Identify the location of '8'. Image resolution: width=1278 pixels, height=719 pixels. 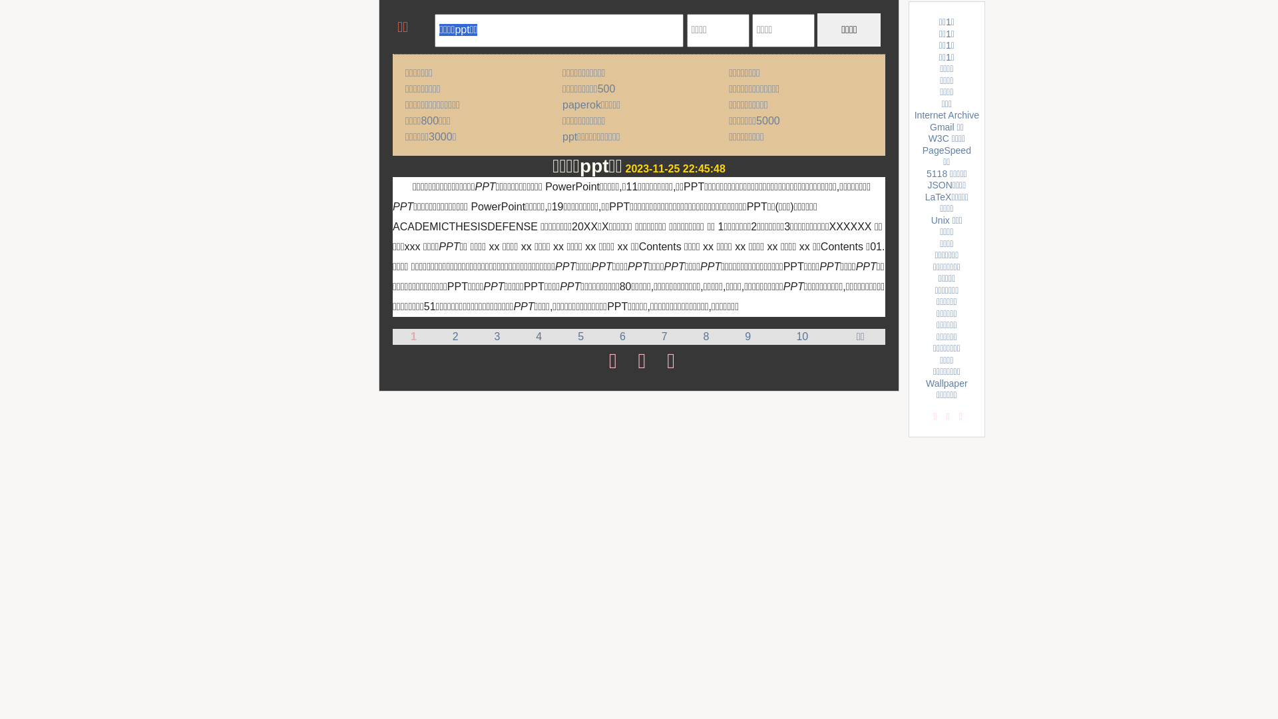
(702, 336).